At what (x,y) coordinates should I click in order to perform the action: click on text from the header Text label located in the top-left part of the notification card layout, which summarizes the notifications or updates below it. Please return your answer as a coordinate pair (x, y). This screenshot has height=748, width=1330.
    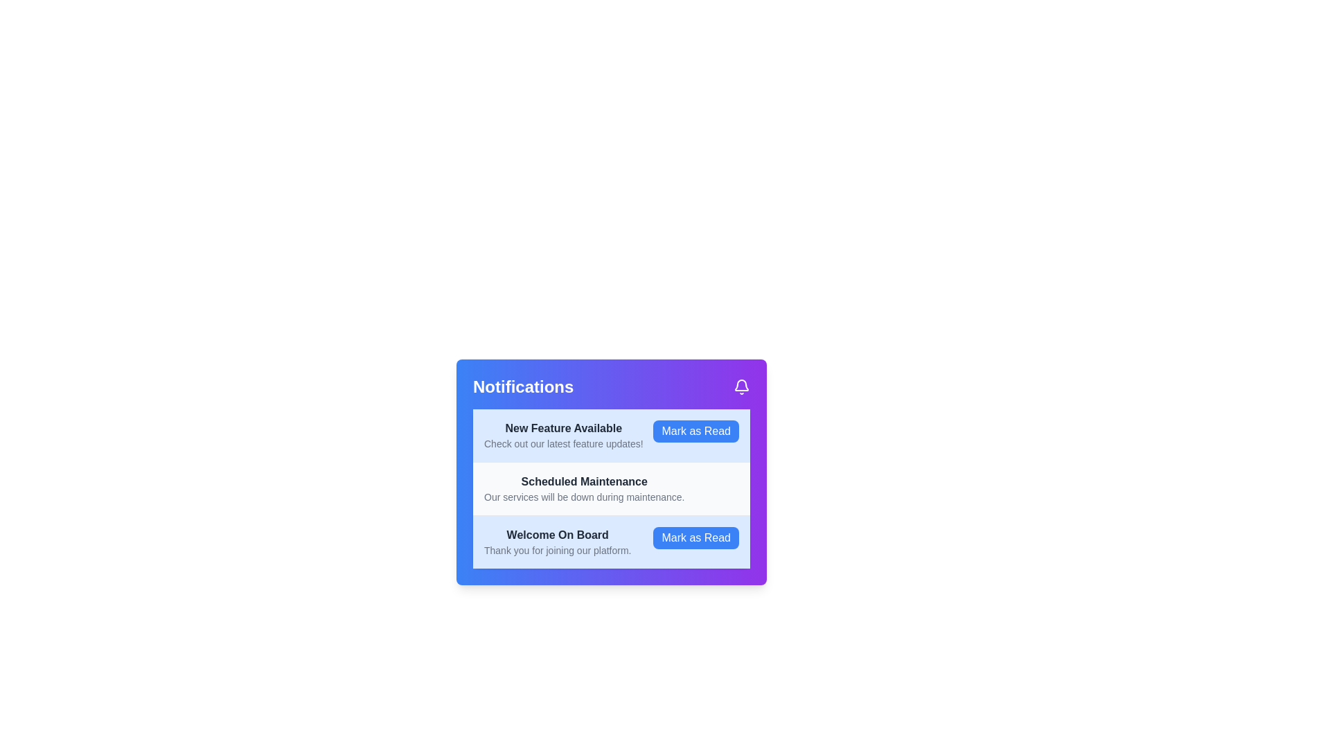
    Looking at the image, I should click on (522, 387).